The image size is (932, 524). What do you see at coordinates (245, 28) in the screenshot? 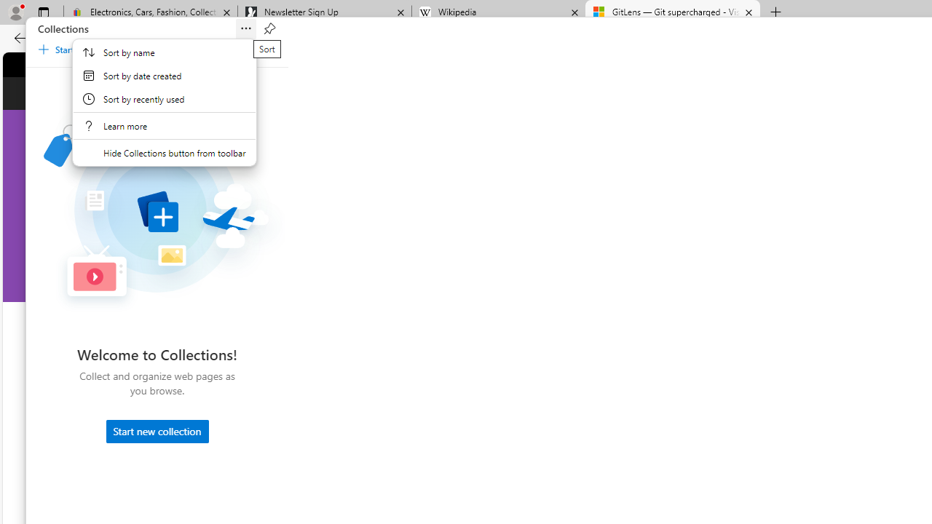
I see `'Sort'` at bounding box center [245, 28].